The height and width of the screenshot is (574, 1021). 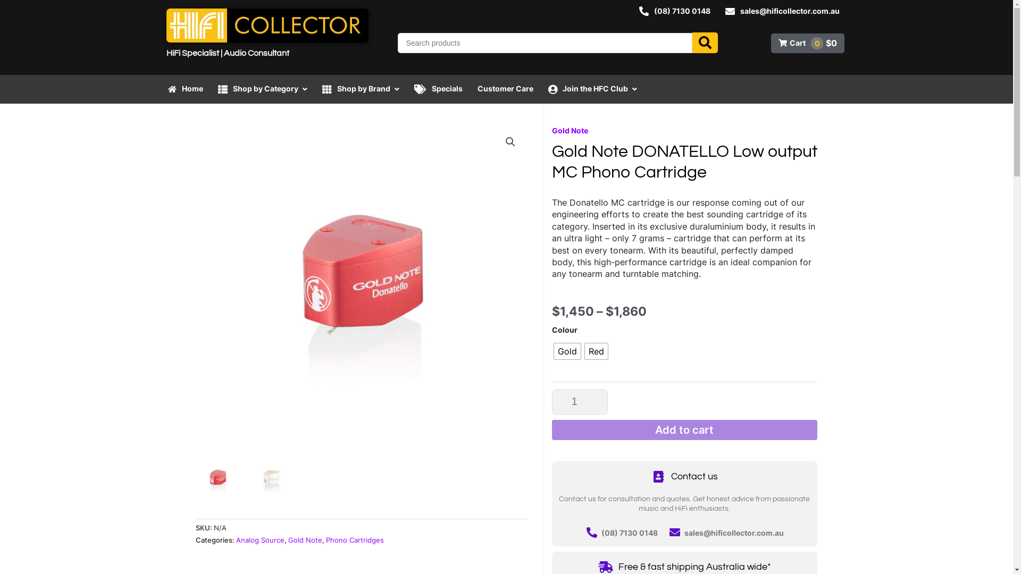 What do you see at coordinates (288, 540) in the screenshot?
I see `'Gold Note'` at bounding box center [288, 540].